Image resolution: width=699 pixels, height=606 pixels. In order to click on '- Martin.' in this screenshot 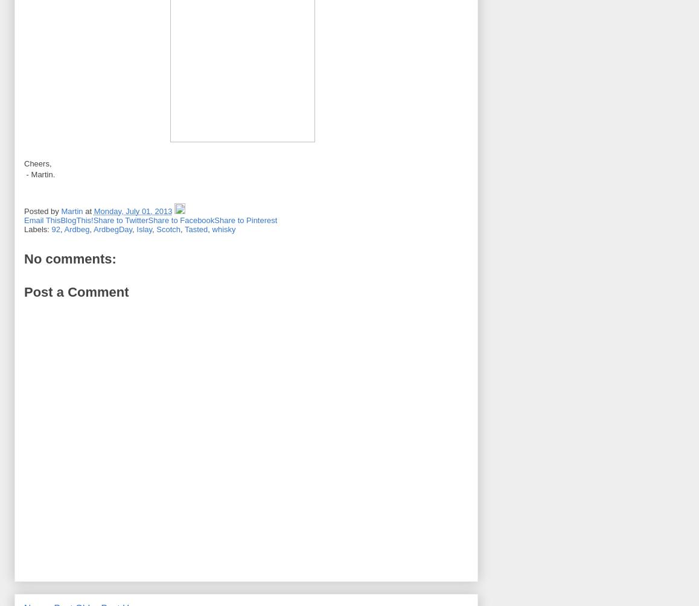, I will do `click(39, 173)`.